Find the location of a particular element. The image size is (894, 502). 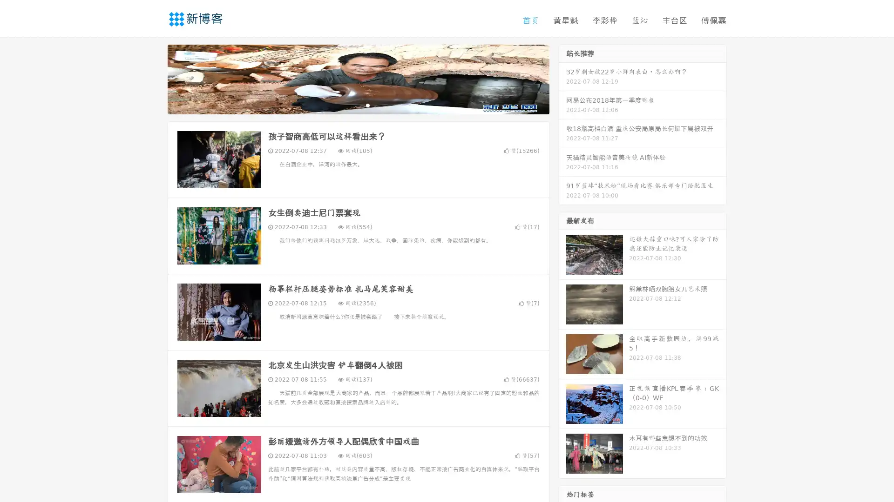

Previous slide is located at coordinates (154, 78).